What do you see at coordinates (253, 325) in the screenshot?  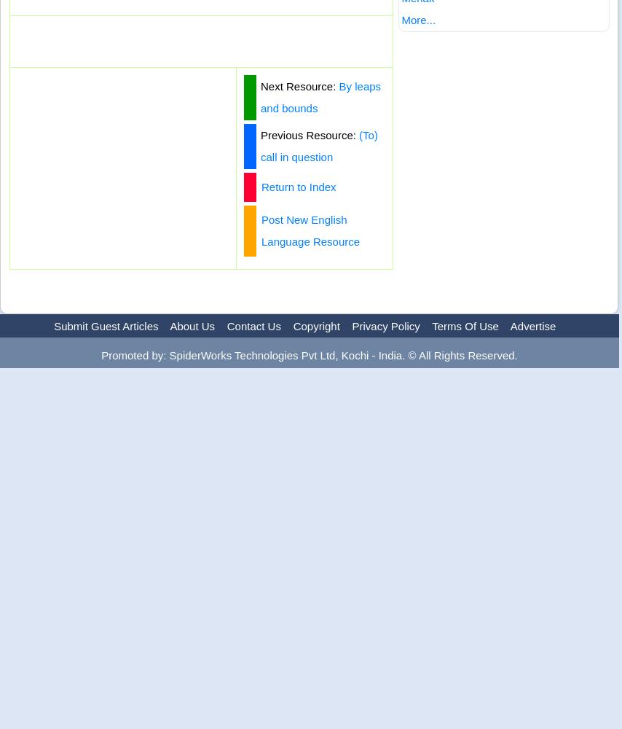 I see `'Contact Us'` at bounding box center [253, 325].